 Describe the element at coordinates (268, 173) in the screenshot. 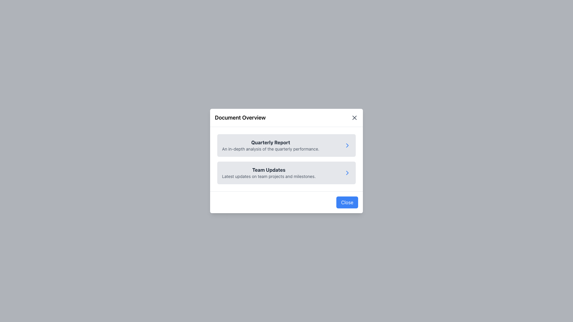

I see `the 'Team Updates' text block element` at that location.